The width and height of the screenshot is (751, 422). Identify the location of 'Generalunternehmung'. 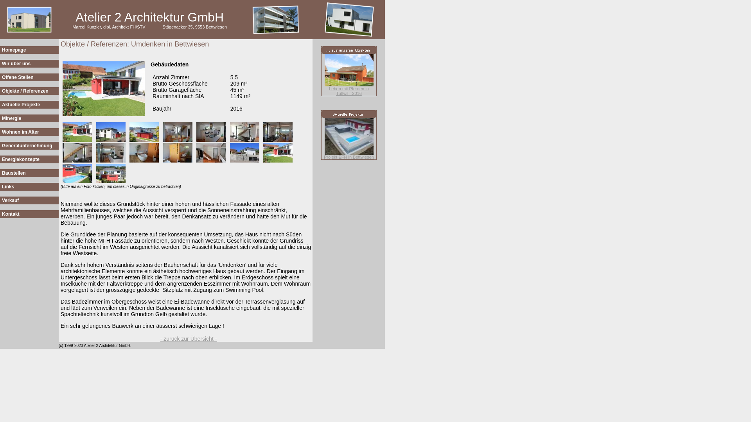
(27, 146).